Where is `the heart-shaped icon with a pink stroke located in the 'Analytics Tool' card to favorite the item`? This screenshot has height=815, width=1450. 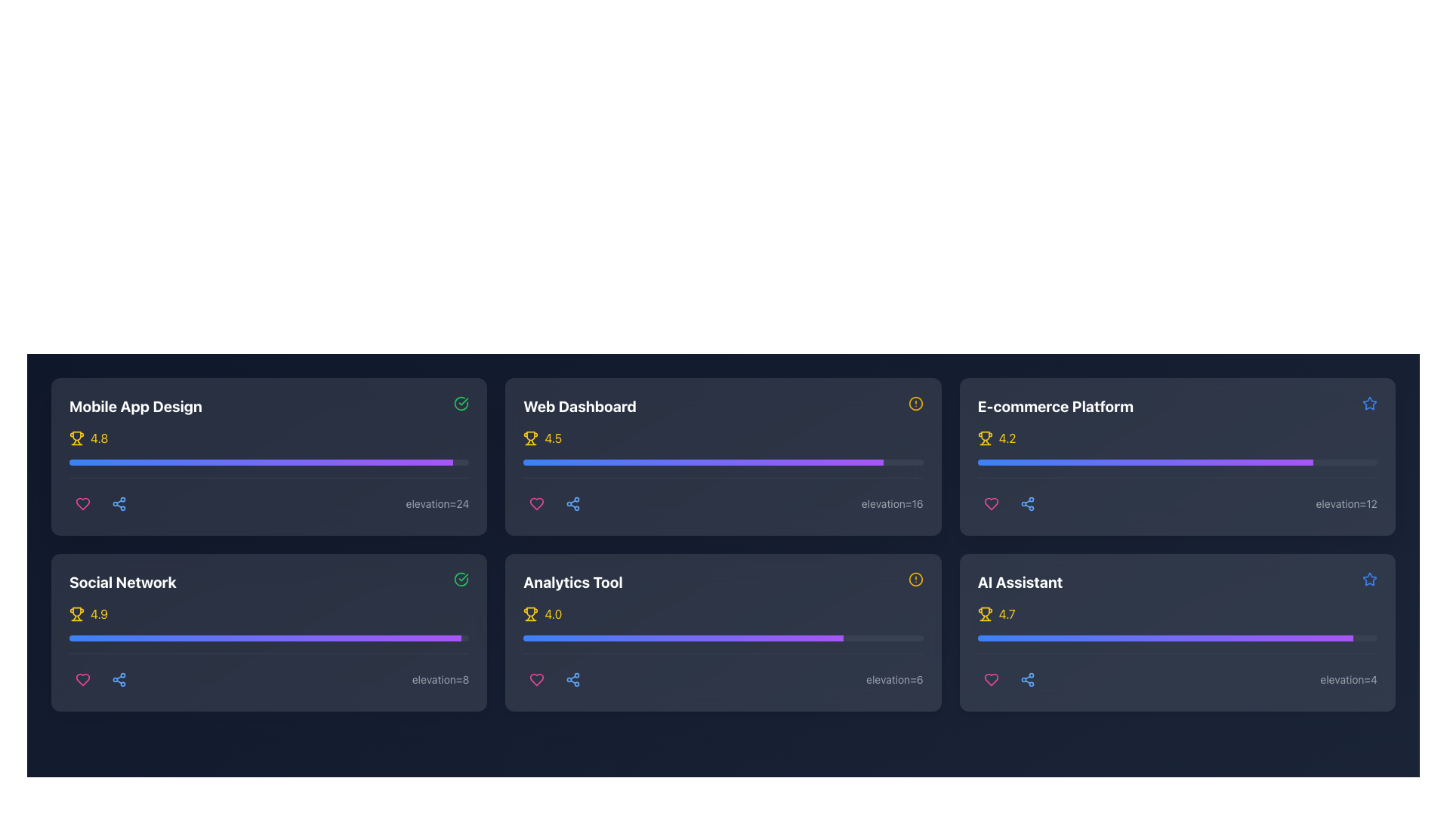 the heart-shaped icon with a pink stroke located in the 'Analytics Tool' card to favorite the item is located at coordinates (537, 680).